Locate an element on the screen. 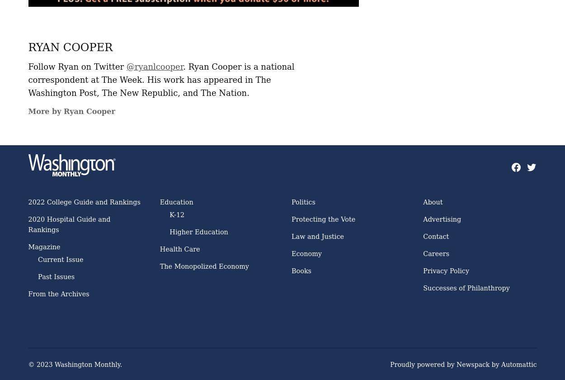  'Follow Ryan on Twitter' is located at coordinates (77, 66).